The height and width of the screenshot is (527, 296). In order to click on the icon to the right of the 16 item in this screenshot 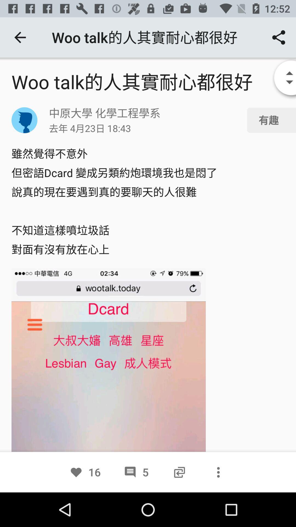, I will do `click(136, 472)`.